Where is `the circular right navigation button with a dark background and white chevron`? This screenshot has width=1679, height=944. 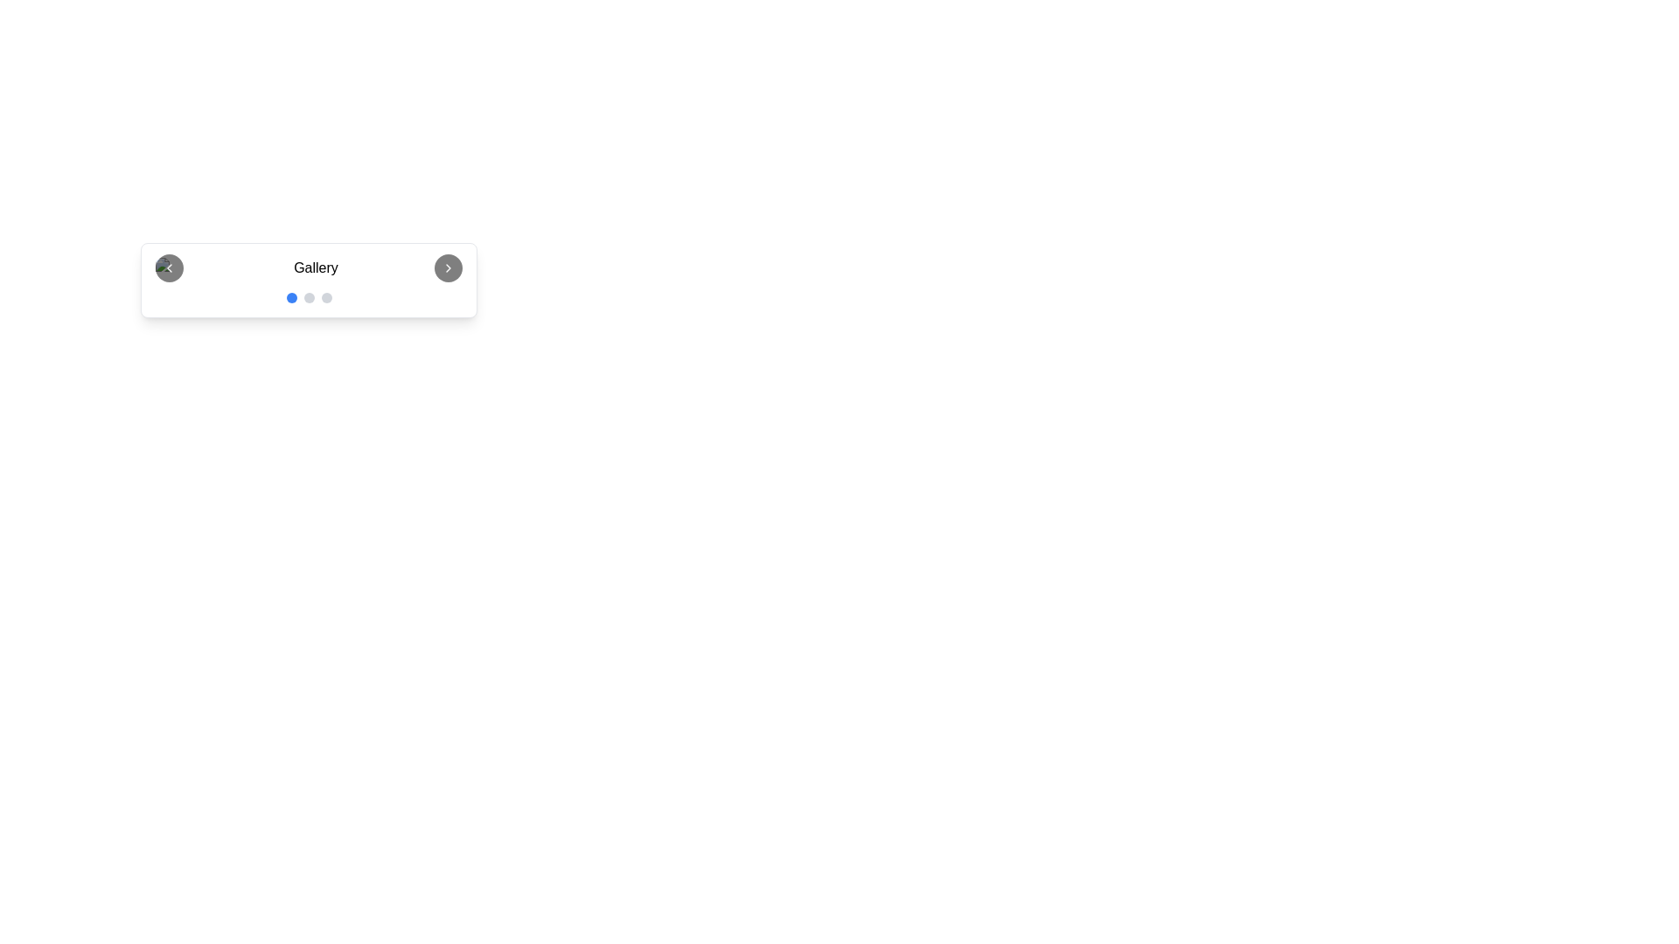 the circular right navigation button with a dark background and white chevron is located at coordinates (449, 268).